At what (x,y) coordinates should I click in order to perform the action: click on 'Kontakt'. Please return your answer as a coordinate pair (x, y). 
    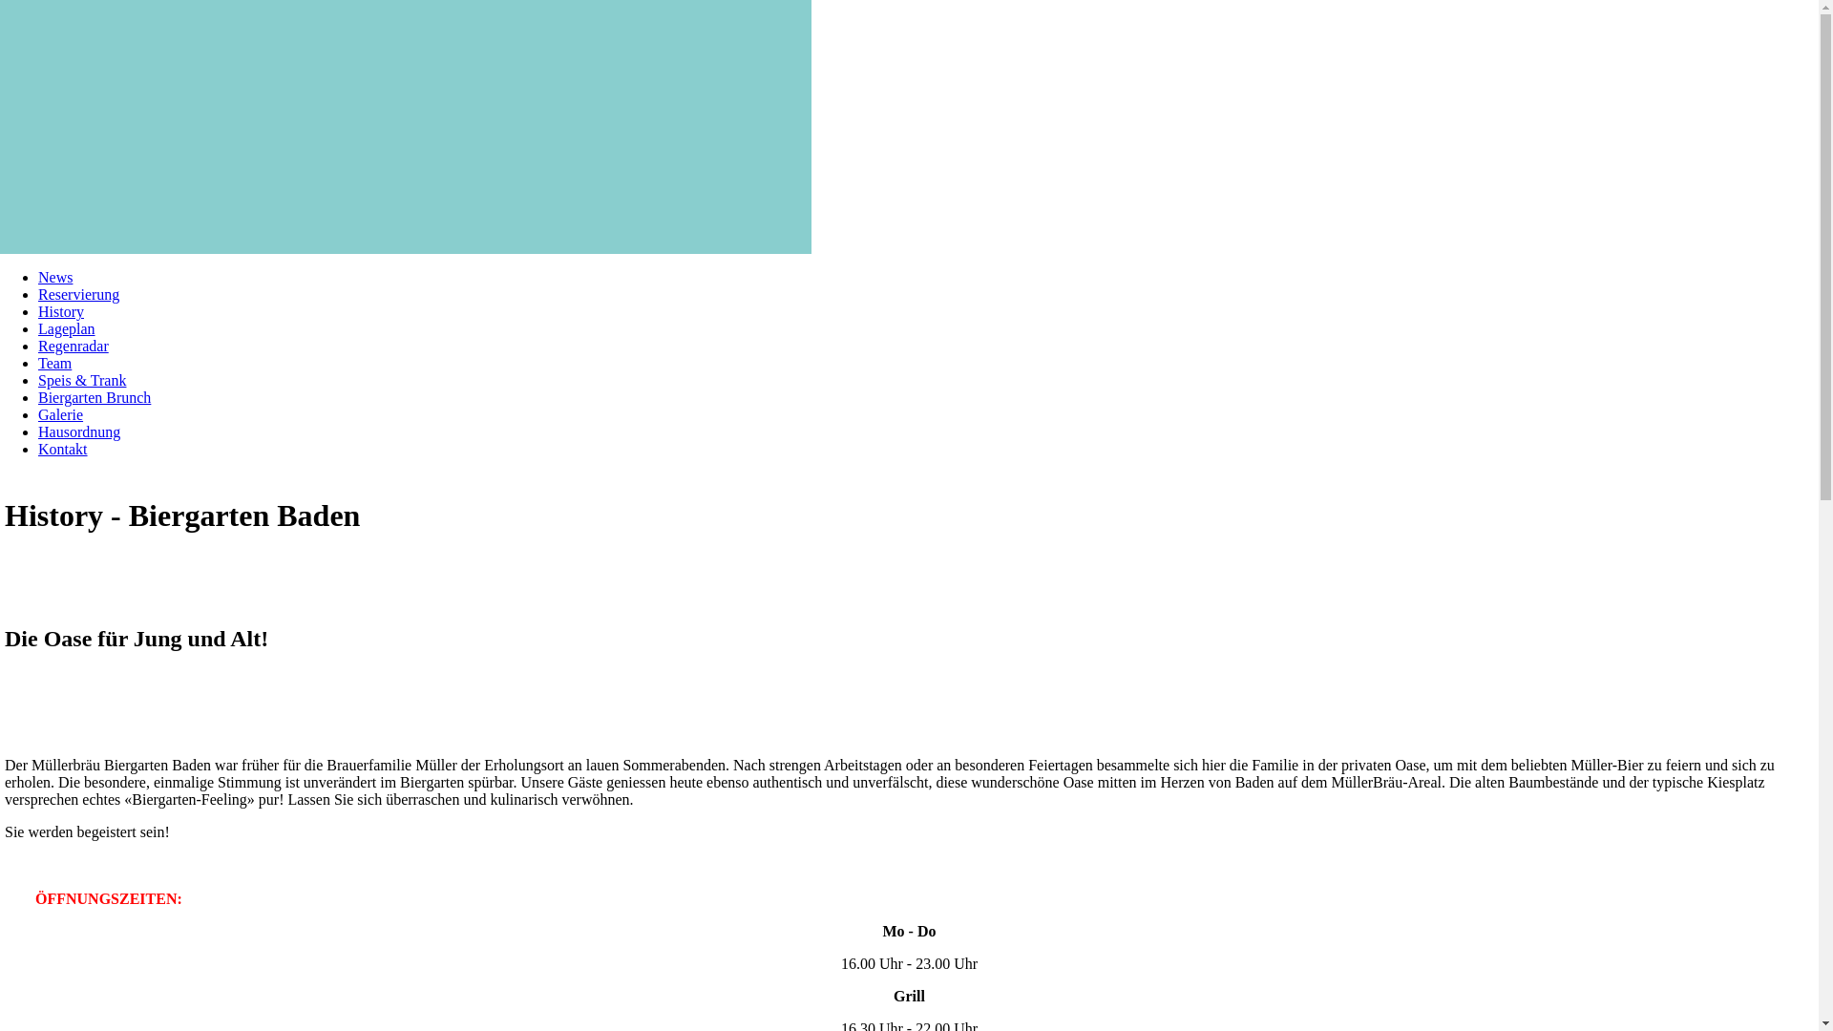
    Looking at the image, I should click on (37, 449).